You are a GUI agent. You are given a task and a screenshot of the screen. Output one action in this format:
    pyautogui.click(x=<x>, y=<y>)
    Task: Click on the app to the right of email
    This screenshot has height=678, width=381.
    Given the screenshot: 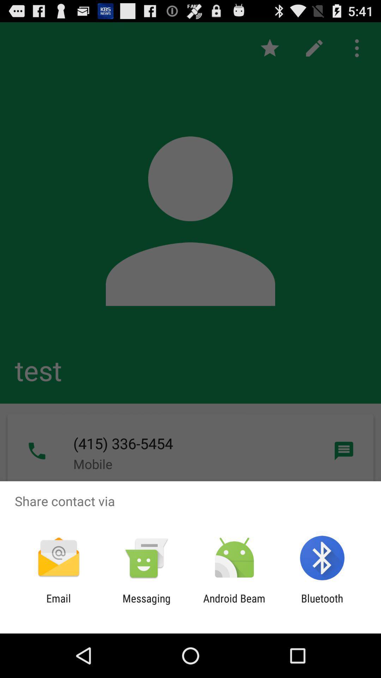 What is the action you would take?
    pyautogui.click(x=146, y=604)
    